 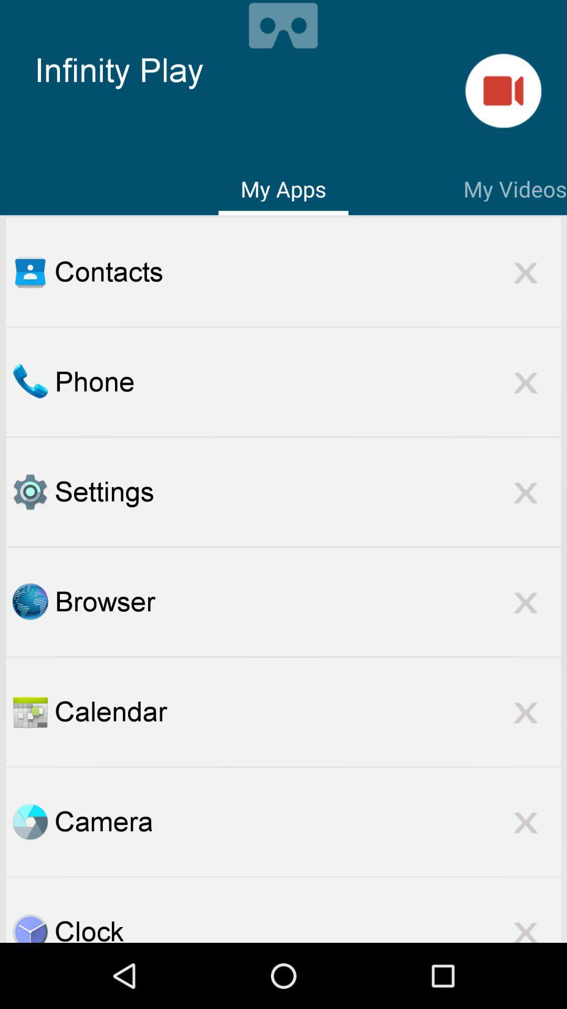 I want to click on phone icon, so click(x=307, y=381).